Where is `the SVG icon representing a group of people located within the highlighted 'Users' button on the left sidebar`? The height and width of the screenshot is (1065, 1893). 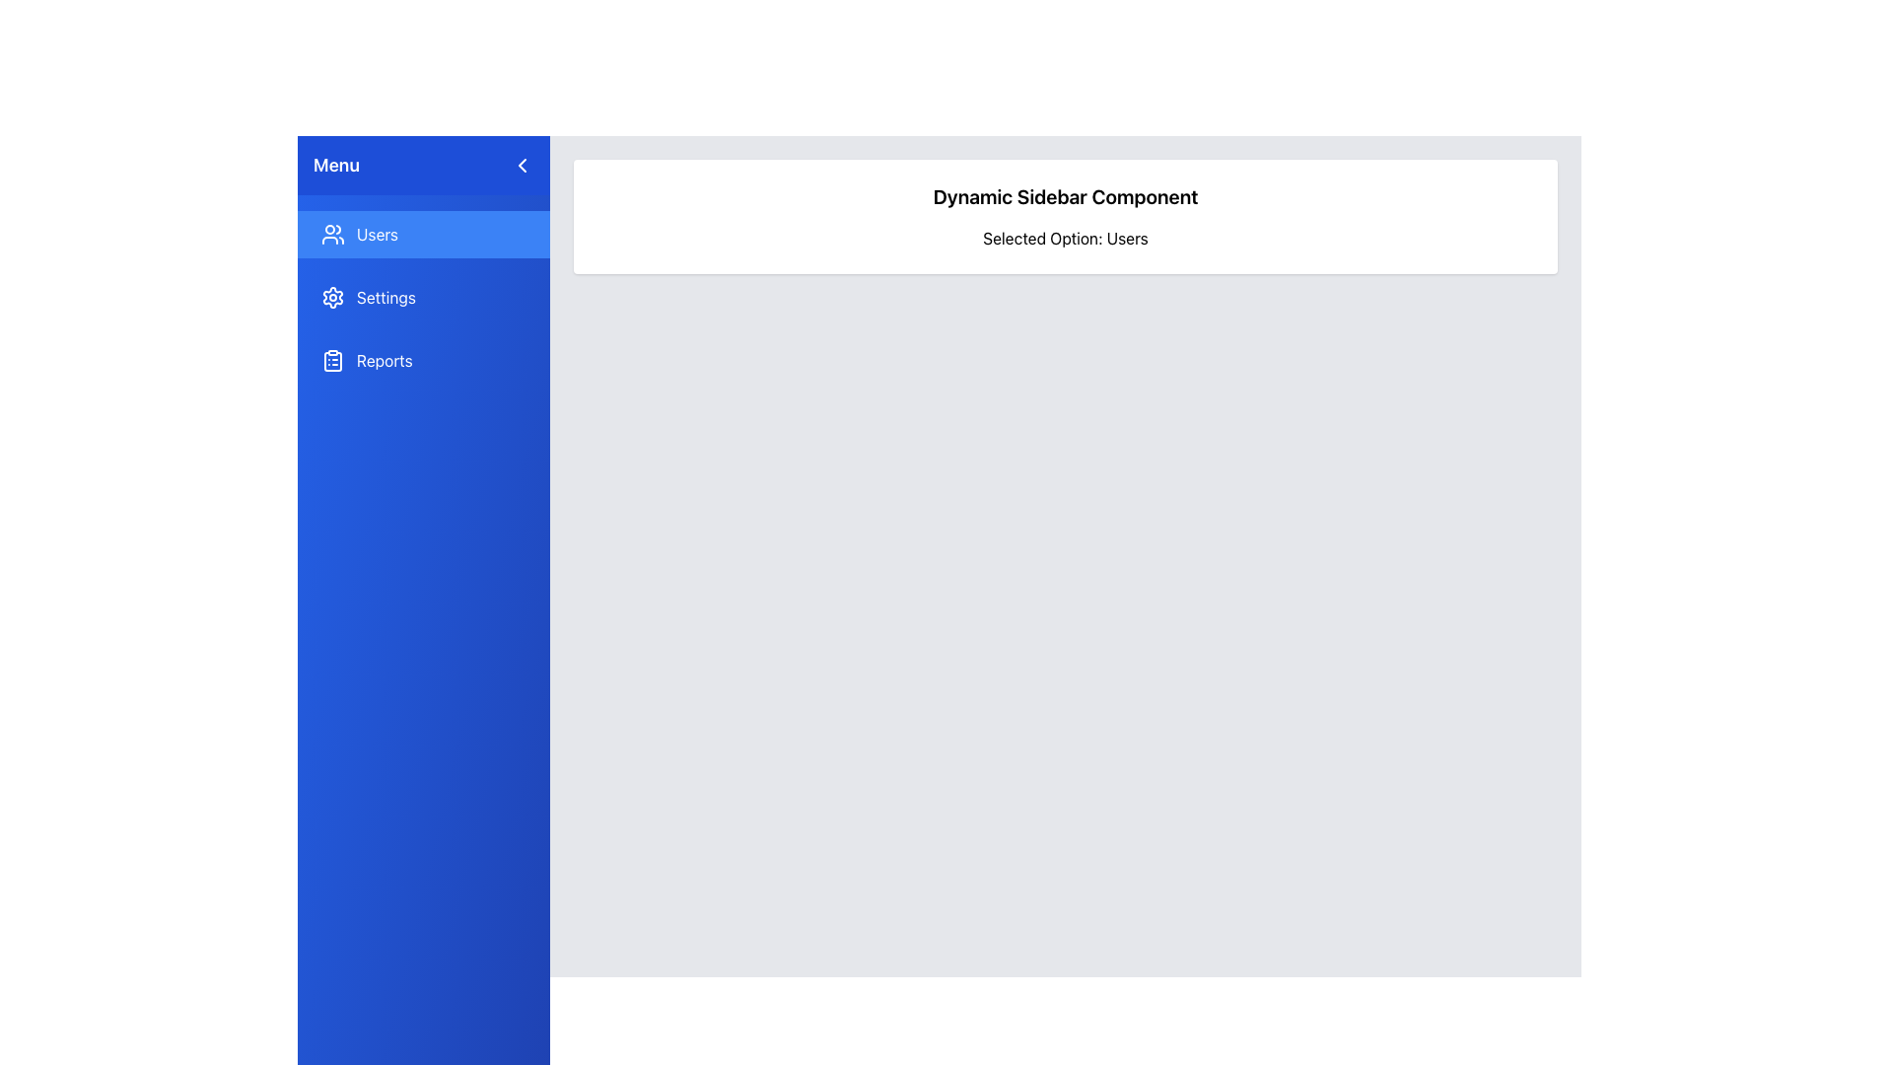 the SVG icon representing a group of people located within the highlighted 'Users' button on the left sidebar is located at coordinates (332, 234).